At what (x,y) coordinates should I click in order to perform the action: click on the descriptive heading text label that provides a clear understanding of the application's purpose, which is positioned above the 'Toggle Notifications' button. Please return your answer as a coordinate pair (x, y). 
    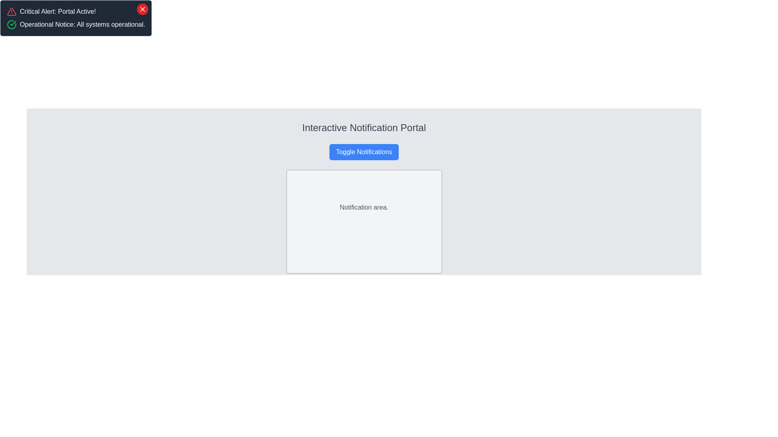
    Looking at the image, I should click on (363, 127).